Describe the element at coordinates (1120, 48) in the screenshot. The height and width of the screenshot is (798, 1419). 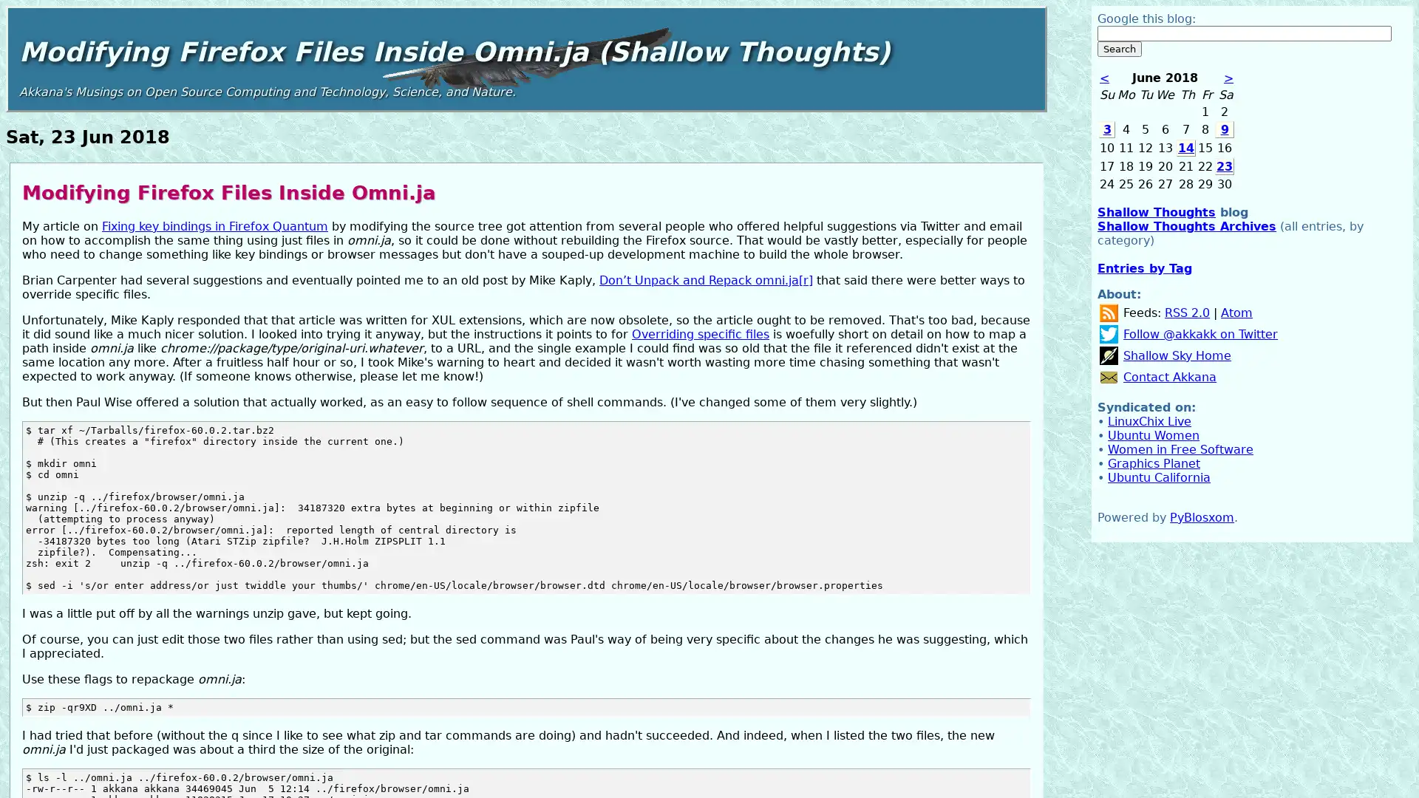
I see `Search` at that location.